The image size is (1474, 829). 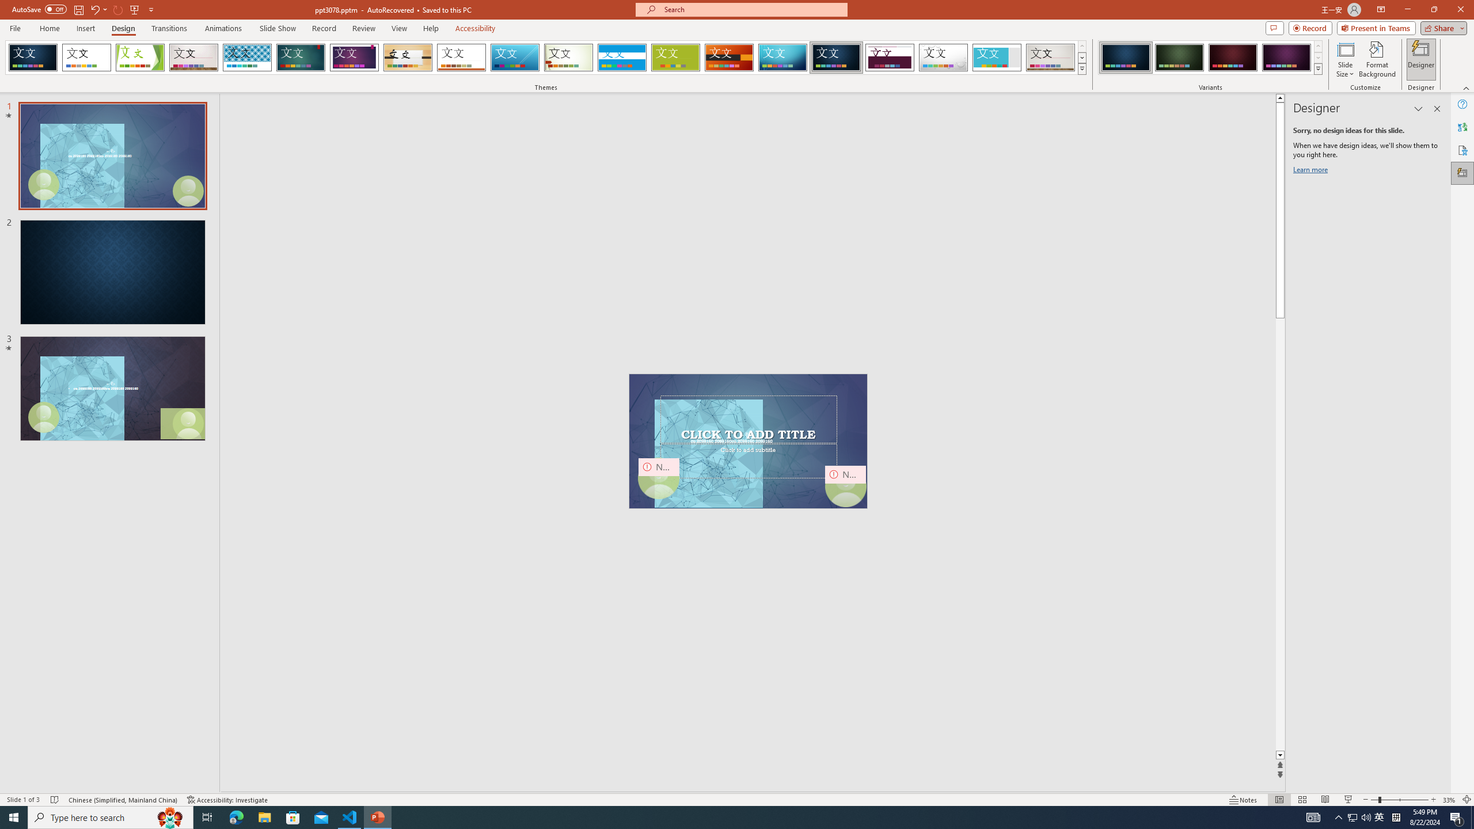 What do you see at coordinates (247, 57) in the screenshot?
I see `'Integral'` at bounding box center [247, 57].